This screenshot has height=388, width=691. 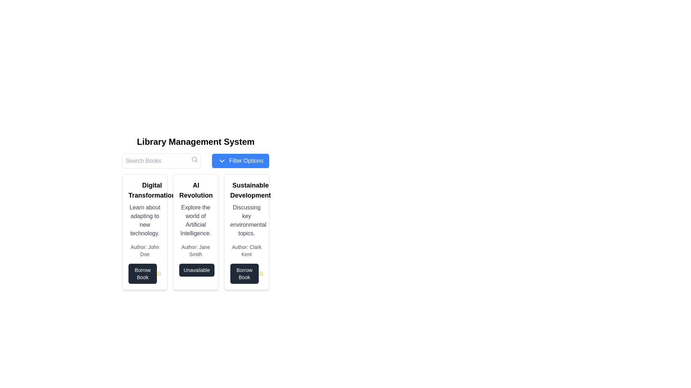 I want to click on the title text label of the first card in the library management interface that identifies the book represented by the card, so click(x=144, y=190).